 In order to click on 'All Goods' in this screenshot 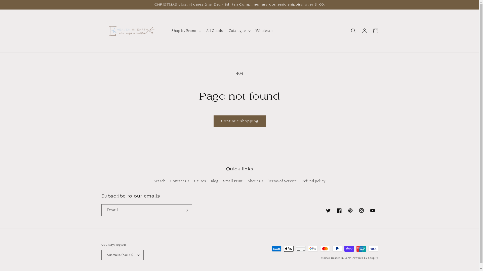, I will do `click(214, 31)`.